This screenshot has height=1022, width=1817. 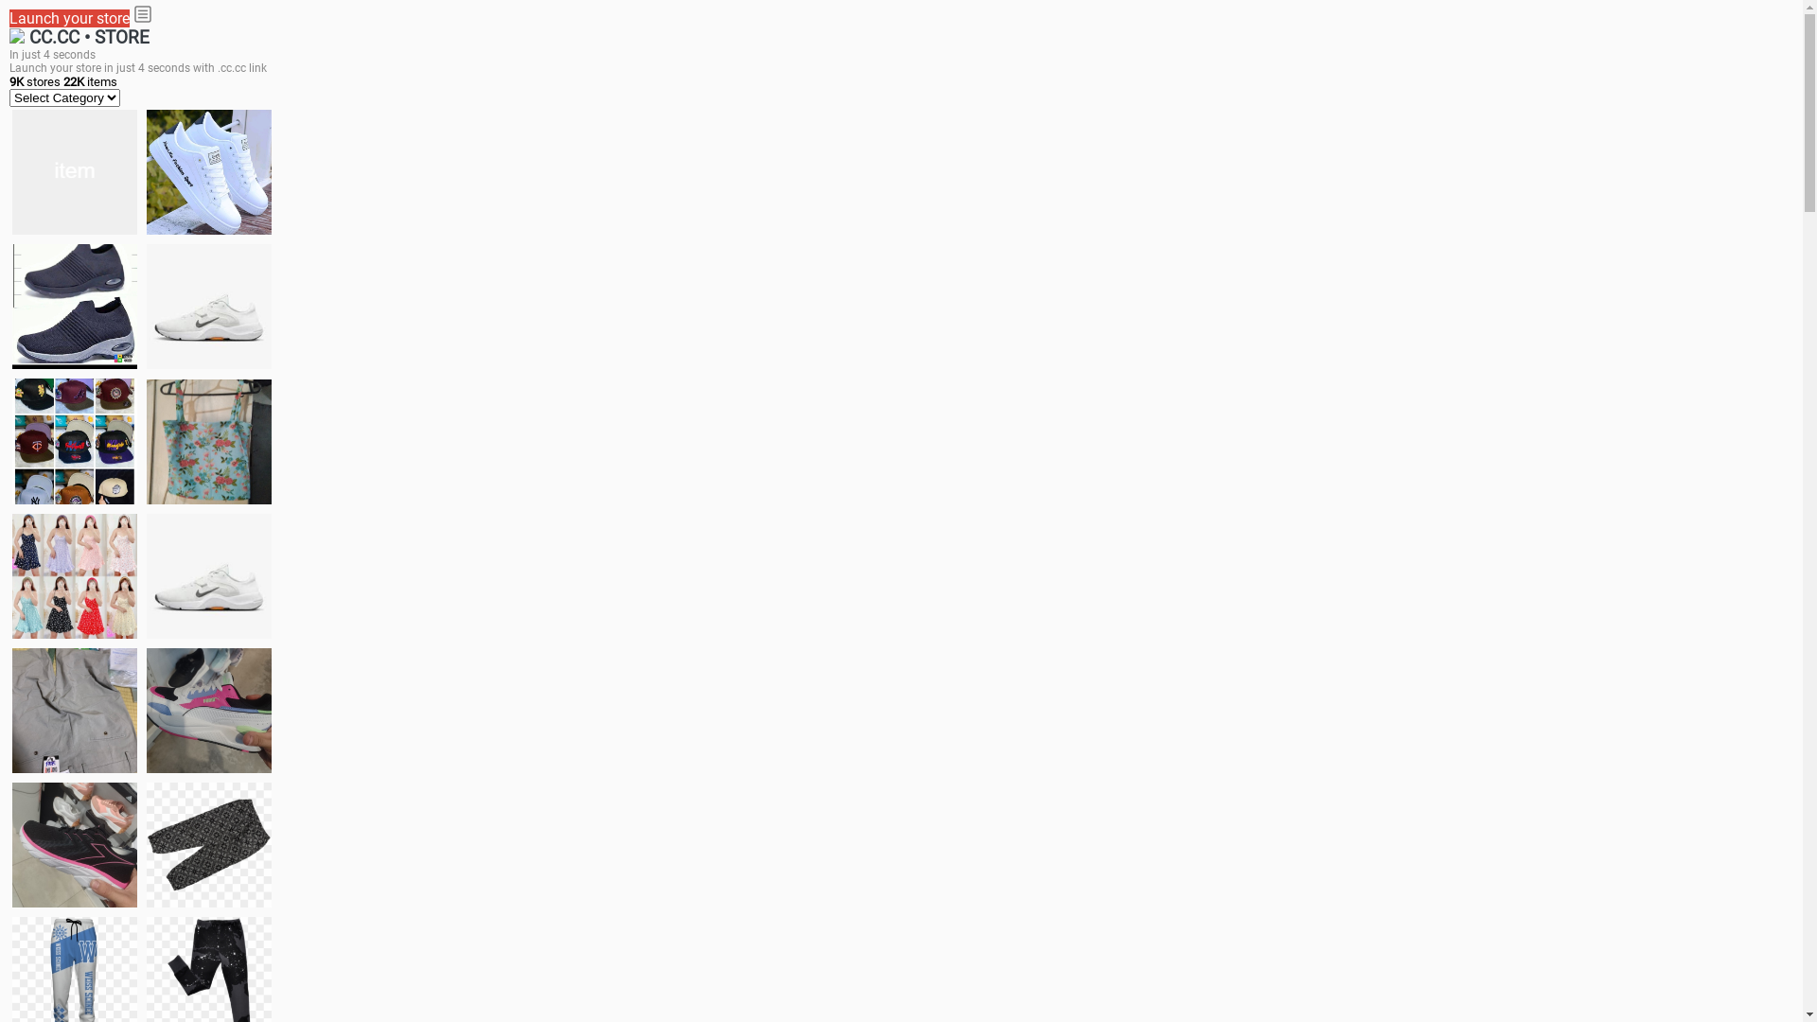 I want to click on 'shoes for boys', so click(x=12, y=306).